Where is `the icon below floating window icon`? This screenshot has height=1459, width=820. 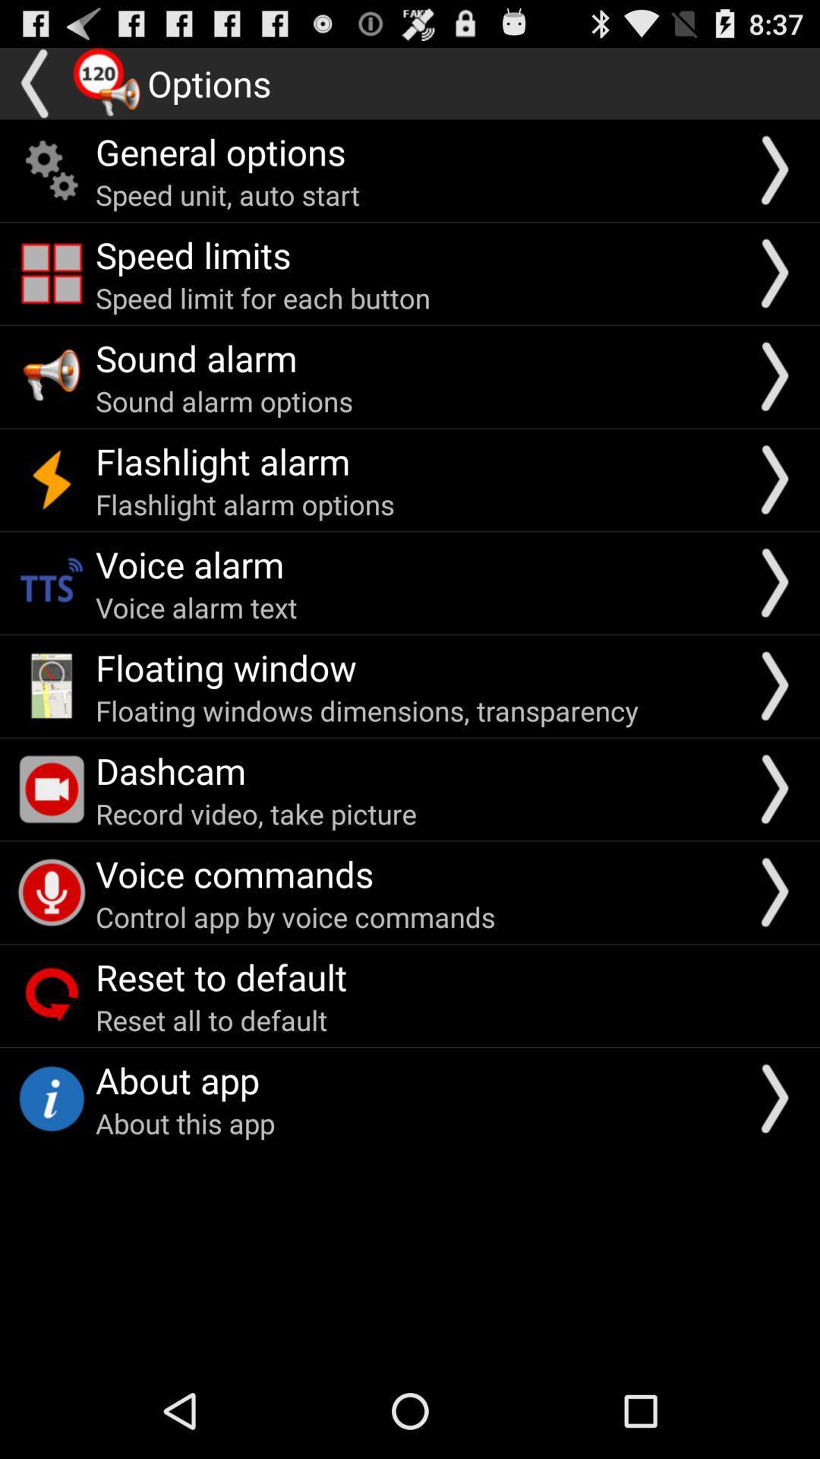 the icon below floating window icon is located at coordinates (367, 710).